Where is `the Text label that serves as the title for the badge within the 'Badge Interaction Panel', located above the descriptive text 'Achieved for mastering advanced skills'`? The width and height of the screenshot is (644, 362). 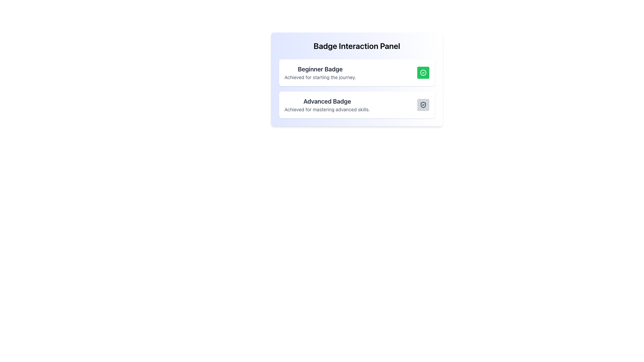
the Text label that serves as the title for the badge within the 'Badge Interaction Panel', located above the descriptive text 'Achieved for mastering advanced skills' is located at coordinates (327, 102).